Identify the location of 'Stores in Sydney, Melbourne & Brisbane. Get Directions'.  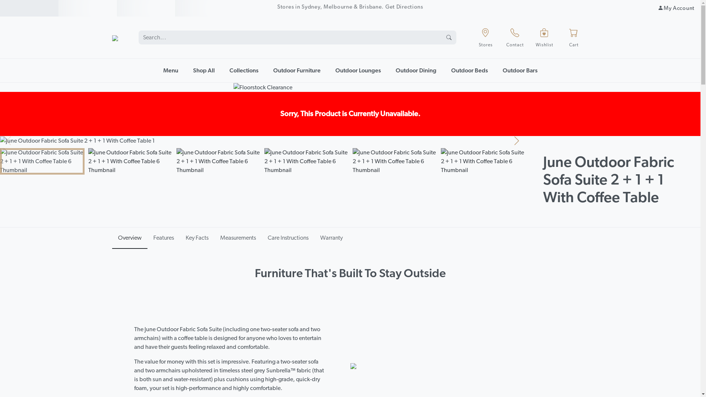
(350, 8).